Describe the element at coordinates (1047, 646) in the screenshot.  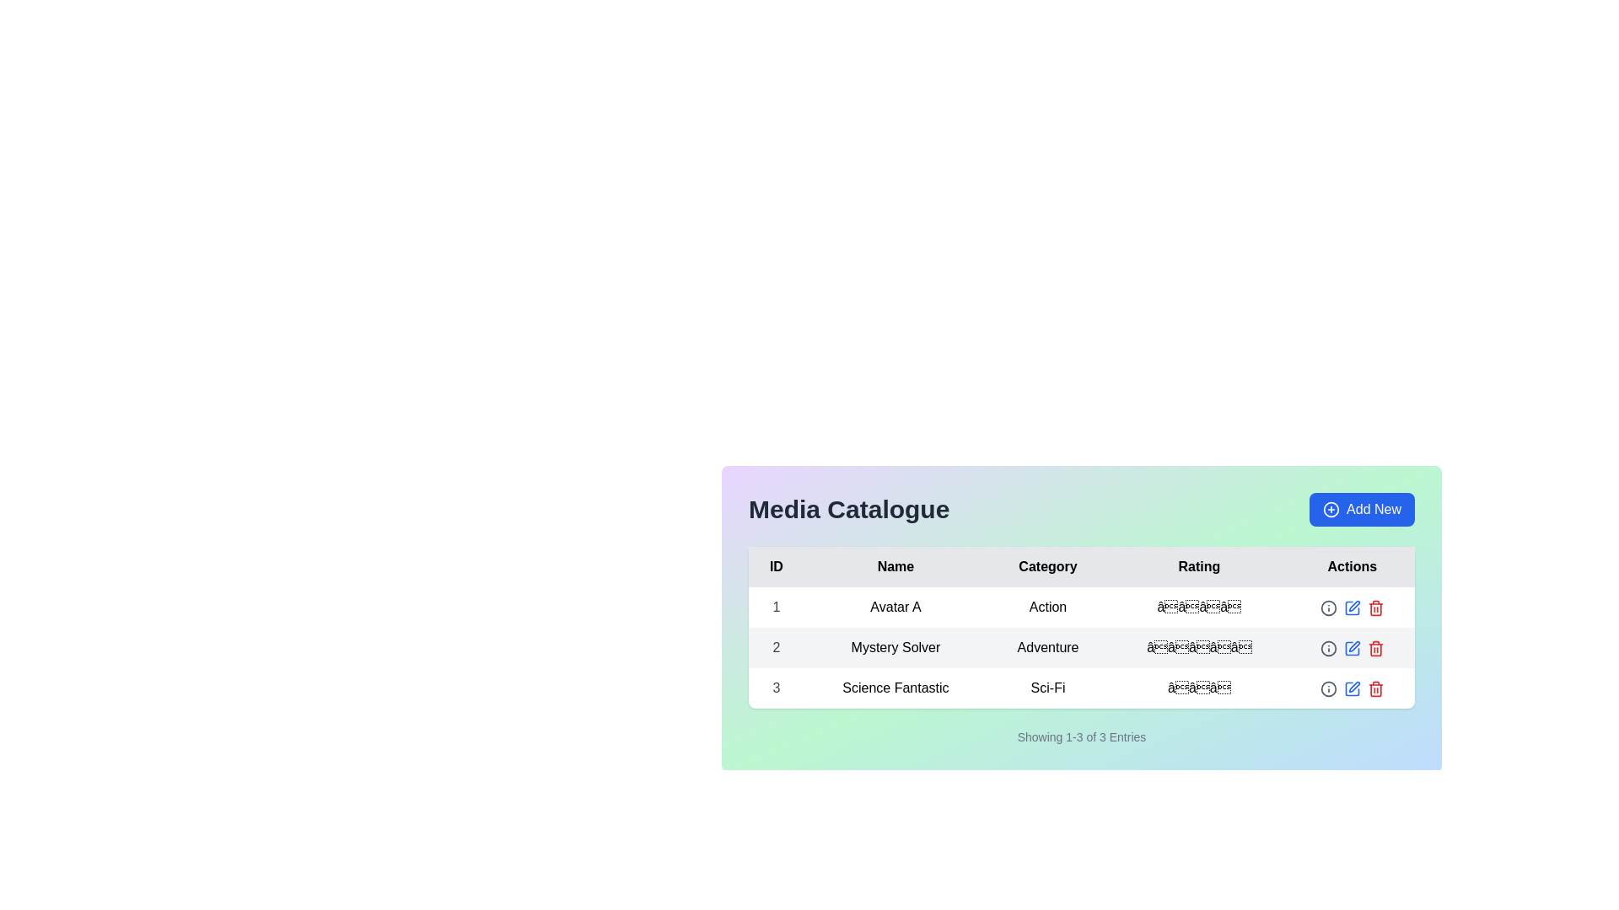
I see `the text label displaying the word 'Adventure' in the 'Category' column of the table` at that location.